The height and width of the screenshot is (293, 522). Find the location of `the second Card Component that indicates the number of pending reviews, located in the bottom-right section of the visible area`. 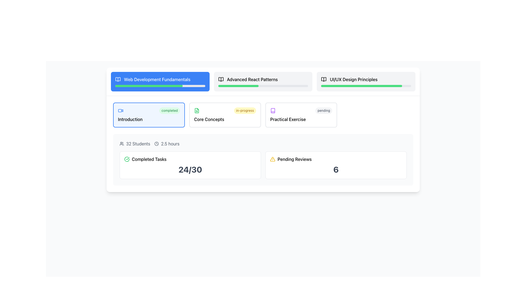

the second Card Component that indicates the number of pending reviews, located in the bottom-right section of the visible area is located at coordinates (336, 165).